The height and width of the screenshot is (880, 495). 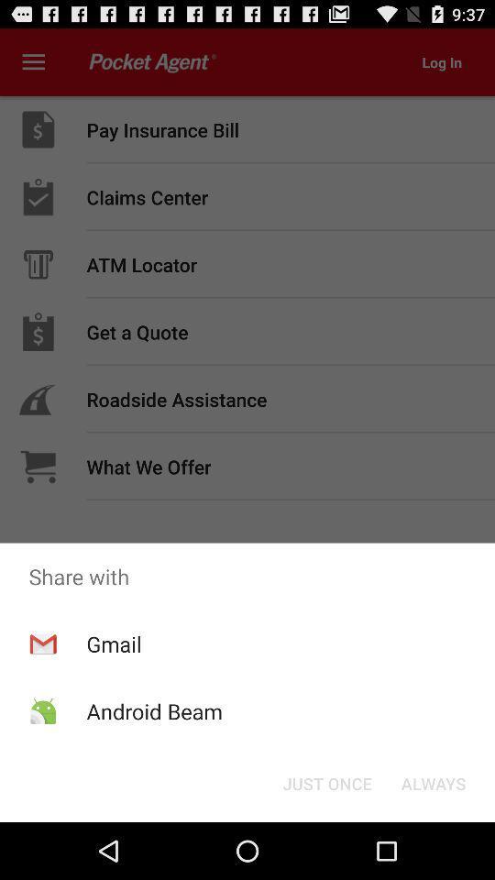 What do you see at coordinates (153, 710) in the screenshot?
I see `the android beam icon` at bounding box center [153, 710].